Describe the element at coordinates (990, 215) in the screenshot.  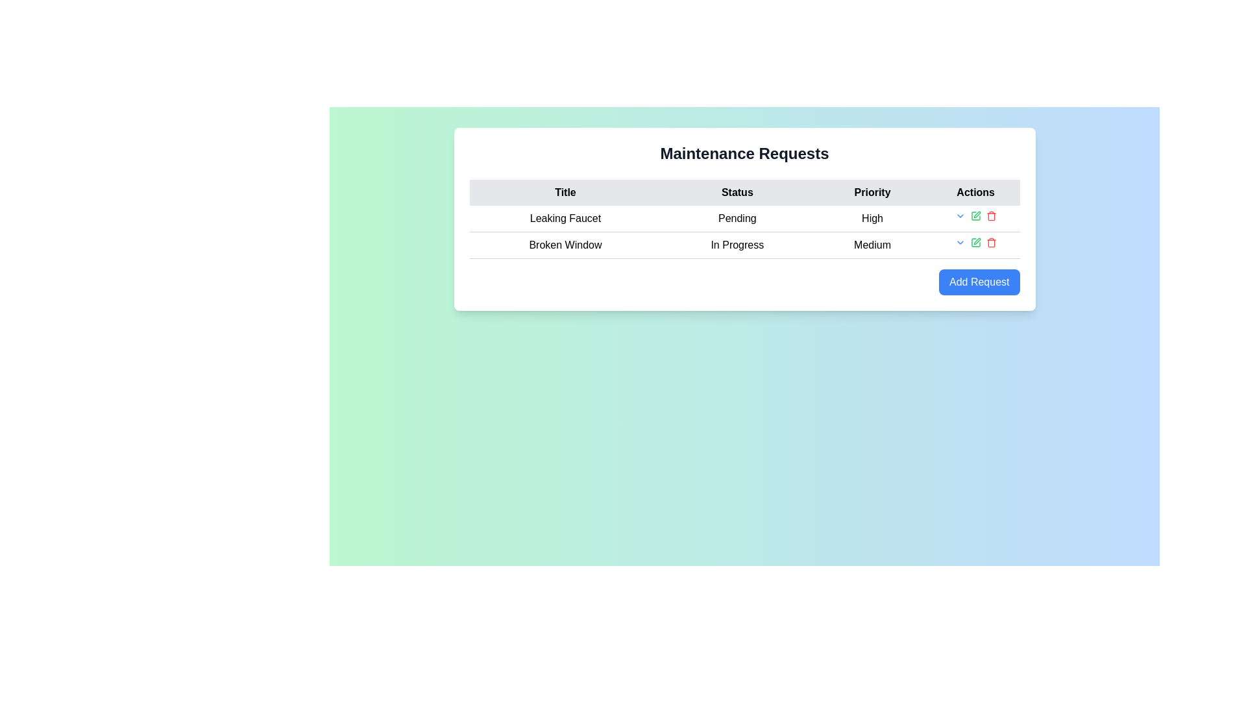
I see `the small red trash can icon button in the 'Actions' column of the first row in the data table` at that location.